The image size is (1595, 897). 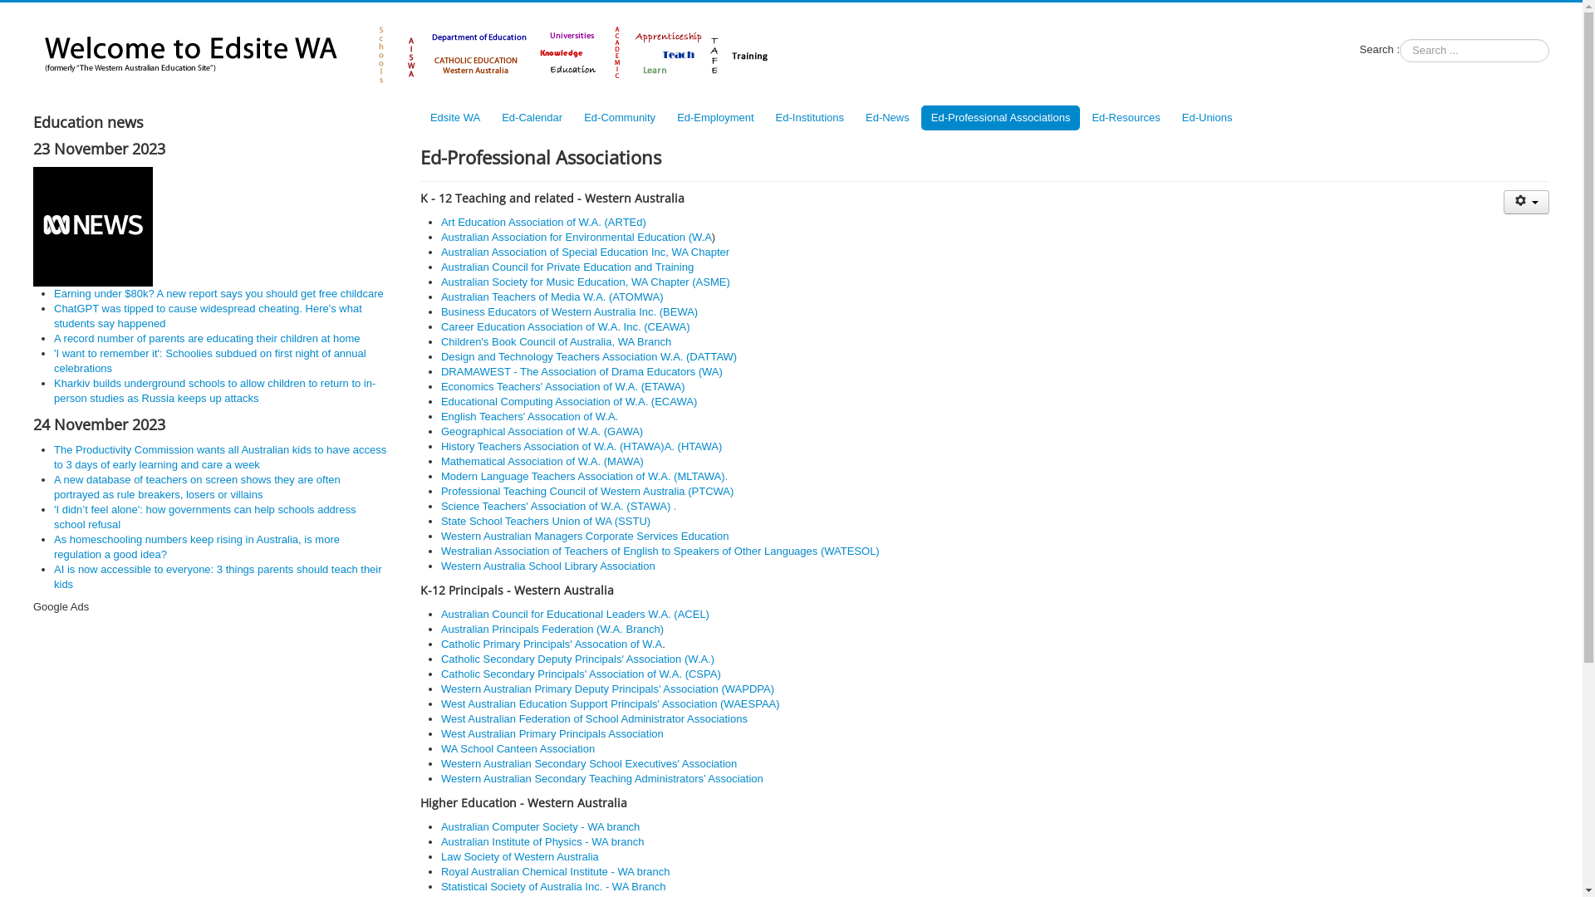 I want to click on 'State School Teachers Union of WA (SSTU)', so click(x=546, y=520).